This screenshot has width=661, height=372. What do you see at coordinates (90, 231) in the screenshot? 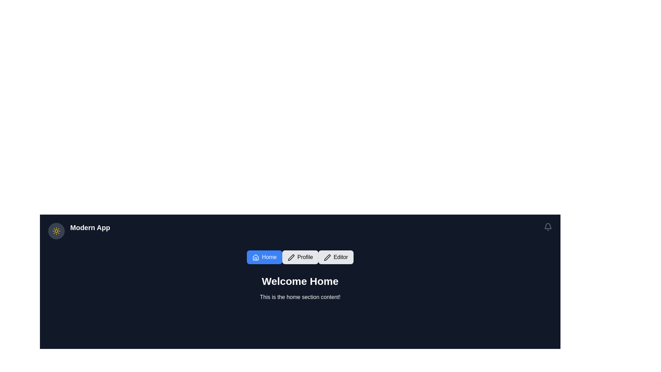
I see `the bold white text label reading 'Modern App' located to the right of a circular sun icon in the top-left area of the interface` at bounding box center [90, 231].